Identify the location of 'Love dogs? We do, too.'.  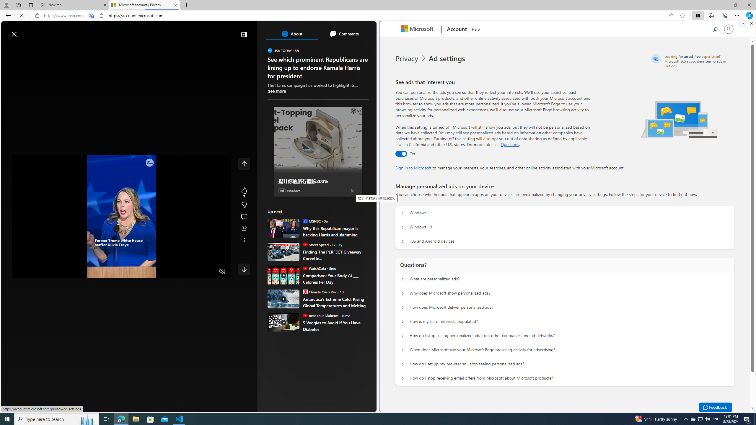
(320, 85).